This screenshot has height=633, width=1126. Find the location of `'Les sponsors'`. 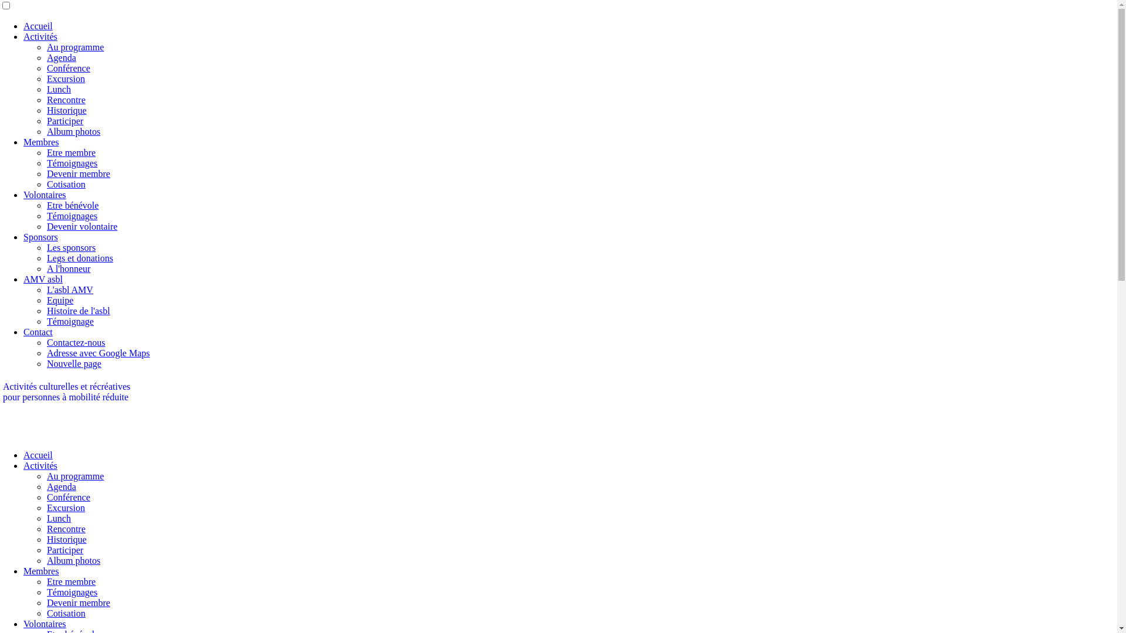

'Les sponsors' is located at coordinates (47, 247).